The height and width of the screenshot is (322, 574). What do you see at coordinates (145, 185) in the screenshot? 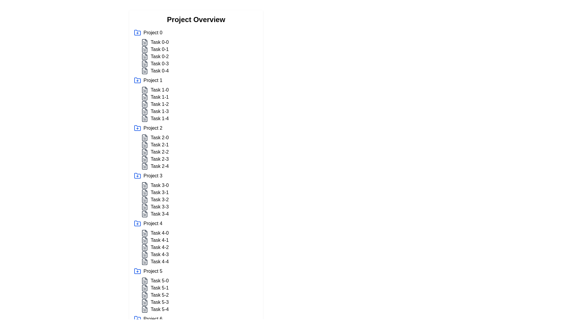
I see `the file outline icon with text lines, located at the leftmost side of the row labeled 'Task 3-0' under 'Project 3', as a visual indicator` at bounding box center [145, 185].